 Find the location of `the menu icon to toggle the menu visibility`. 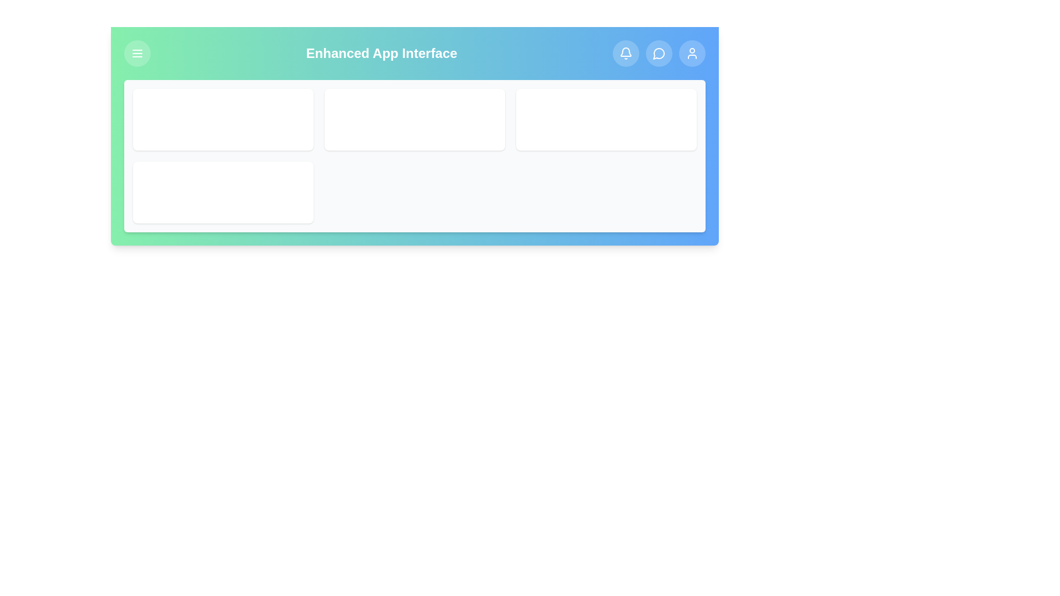

the menu icon to toggle the menu visibility is located at coordinates (137, 53).